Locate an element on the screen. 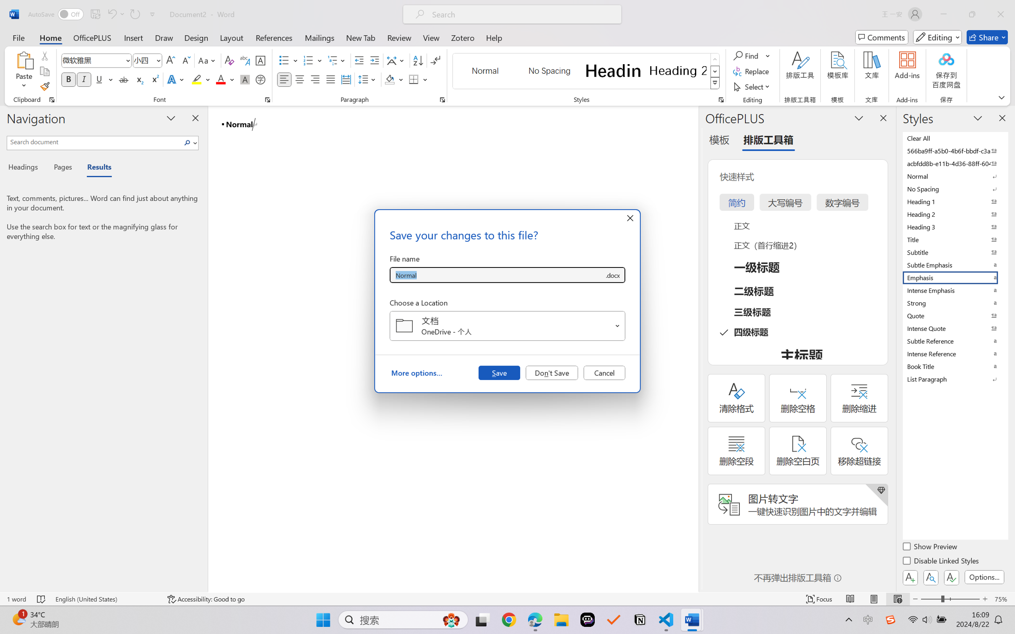 The height and width of the screenshot is (634, 1015). 'Help' is located at coordinates (494, 37).